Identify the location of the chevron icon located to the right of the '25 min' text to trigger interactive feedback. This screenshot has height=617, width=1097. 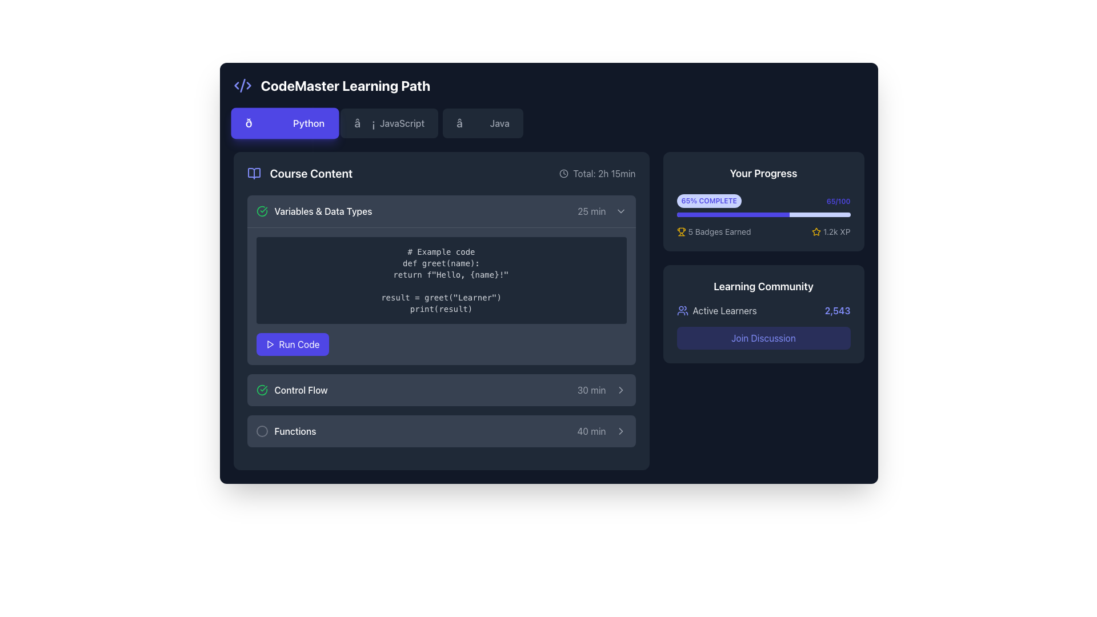
(620, 211).